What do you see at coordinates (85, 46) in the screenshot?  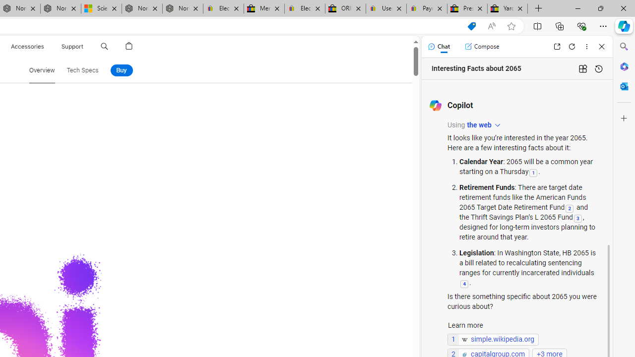 I see `'Class: globalnav-submenu-trigger-item'` at bounding box center [85, 46].